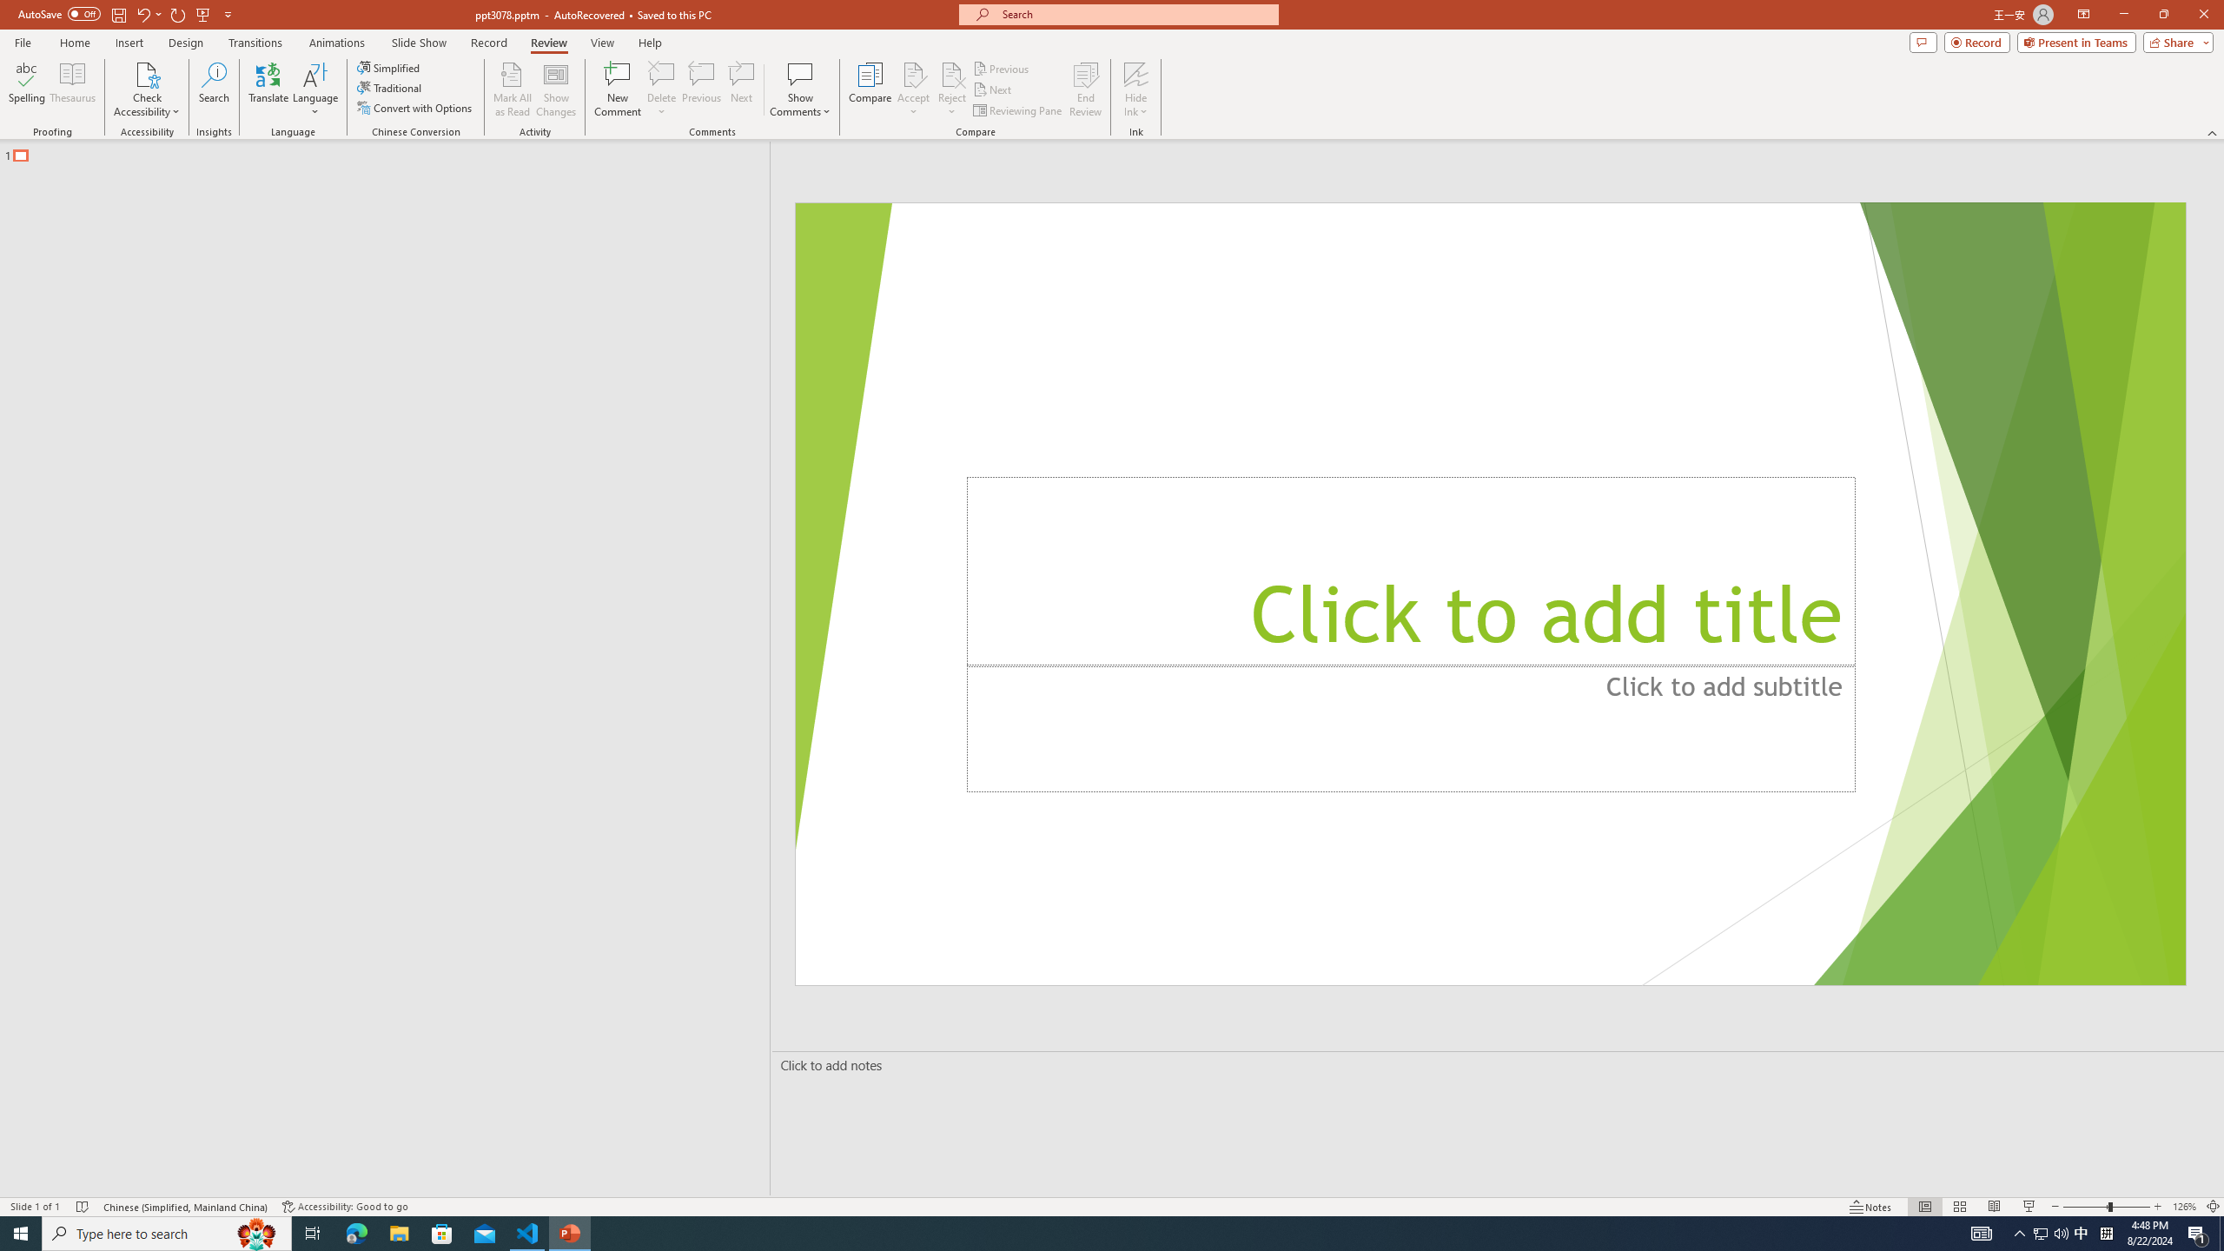  Describe the element at coordinates (556, 89) in the screenshot. I see `'Show Changes'` at that location.